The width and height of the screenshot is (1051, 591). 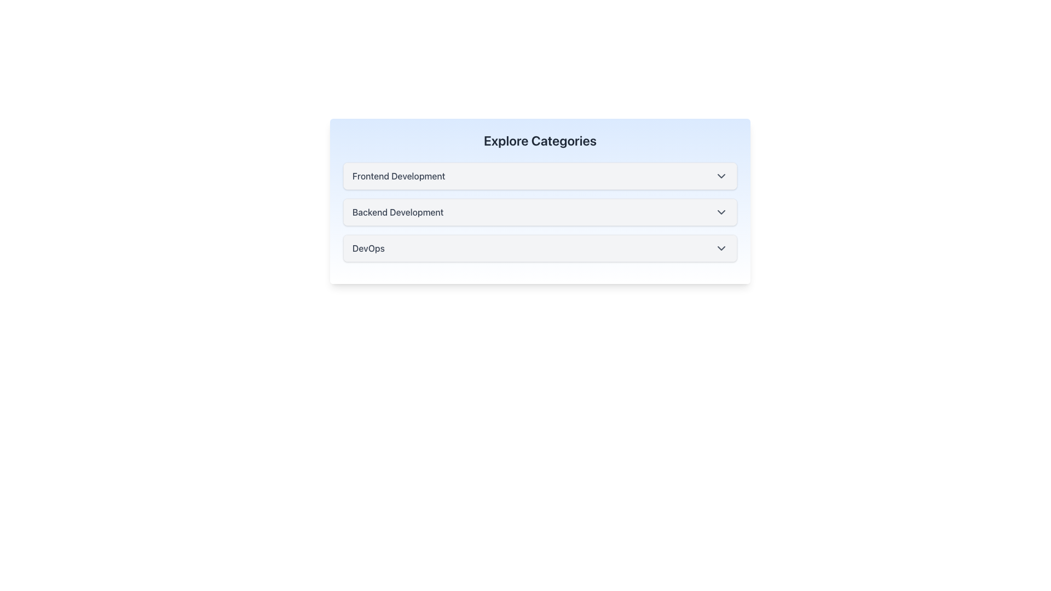 What do you see at coordinates (540, 212) in the screenshot?
I see `to select or expand the interactive card for 'Backend Development', which is the second card in a vertical arrangement of three cards` at bounding box center [540, 212].